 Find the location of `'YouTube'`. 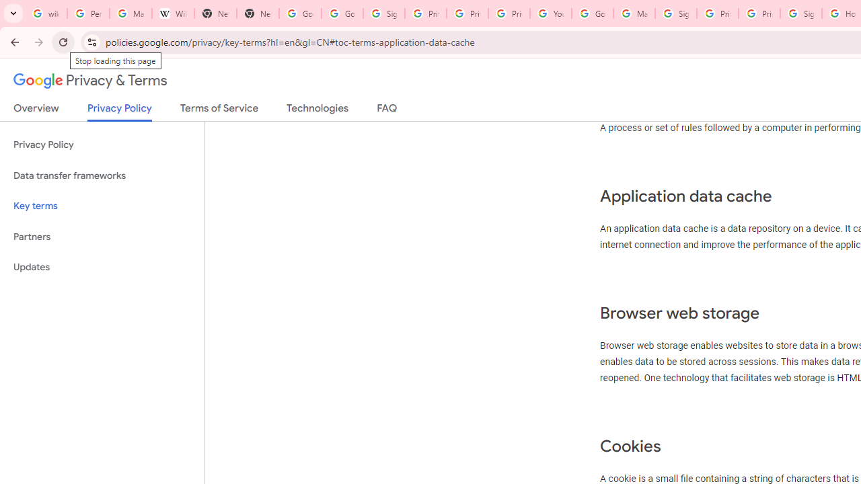

'YouTube' is located at coordinates (551, 13).